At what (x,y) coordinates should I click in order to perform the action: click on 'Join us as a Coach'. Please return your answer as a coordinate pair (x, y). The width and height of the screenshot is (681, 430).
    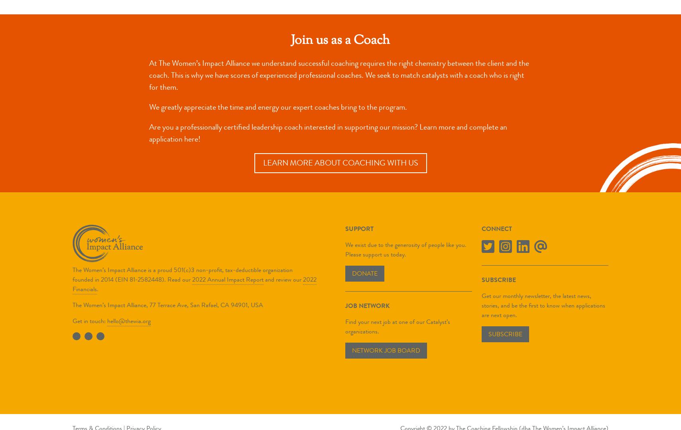
    Looking at the image, I should click on (340, 40).